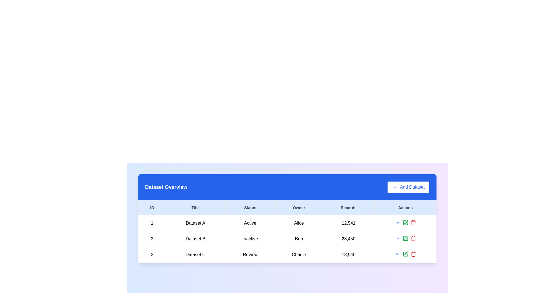 This screenshot has width=540, height=304. Describe the element at coordinates (299, 255) in the screenshot. I see `the text label indicating the owner of the dataset titled 'Dataset C' located in the 'Owner' column of the third row of the table` at that location.